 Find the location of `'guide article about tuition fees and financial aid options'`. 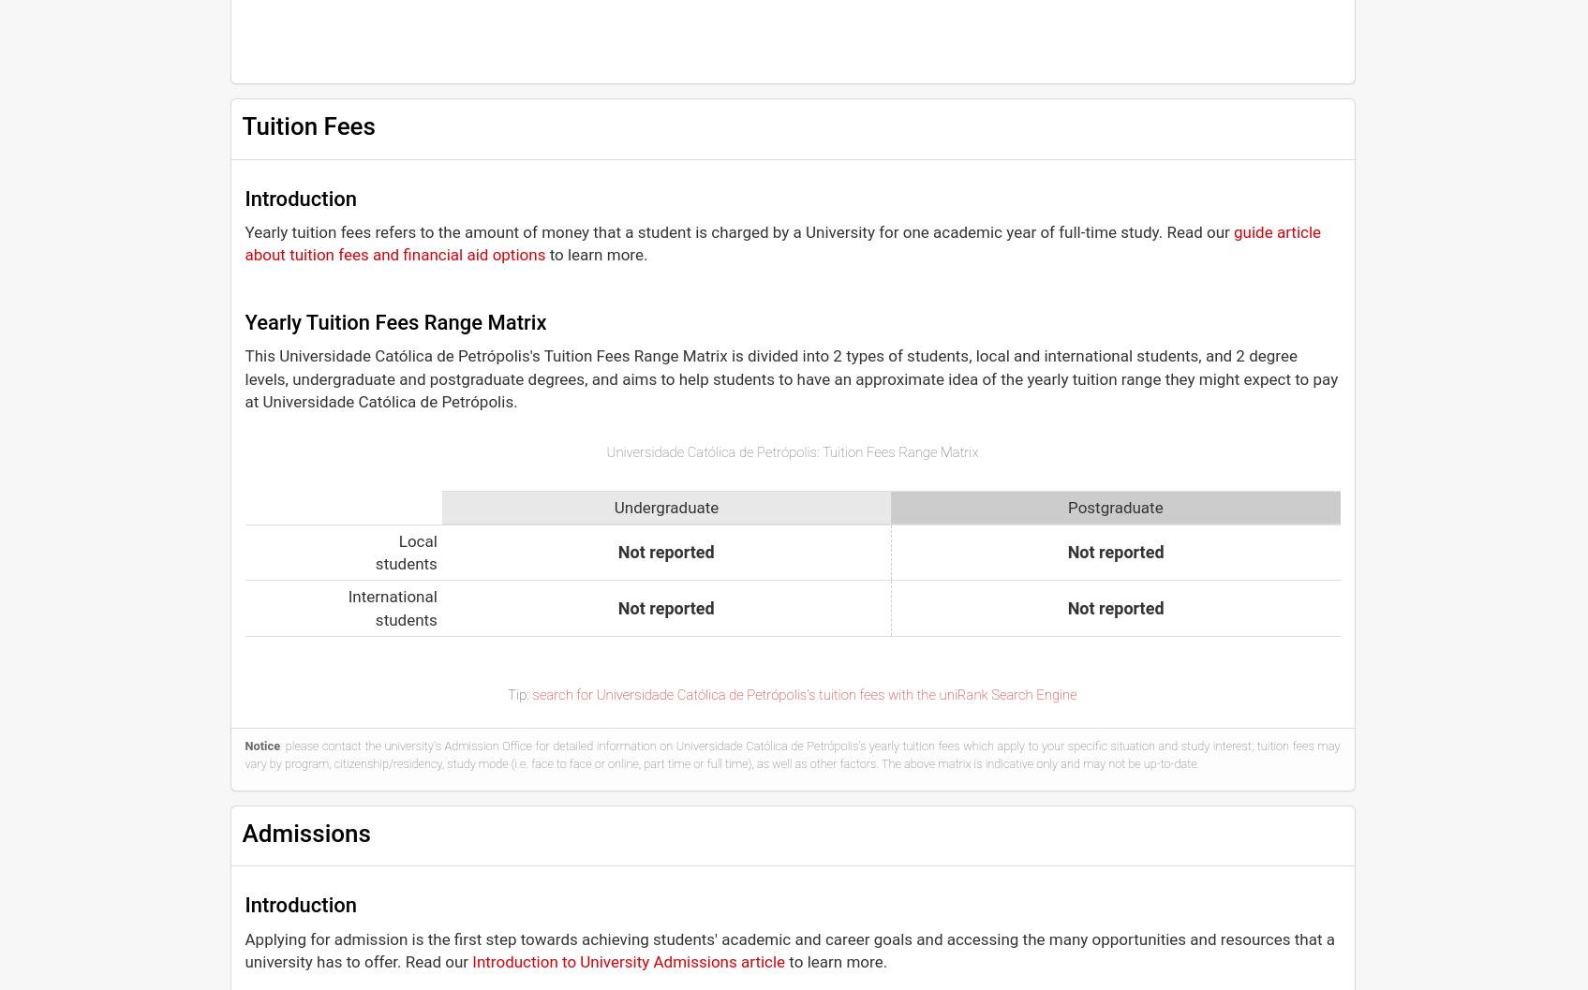

'guide article about tuition fees and financial aid options' is located at coordinates (782, 242).